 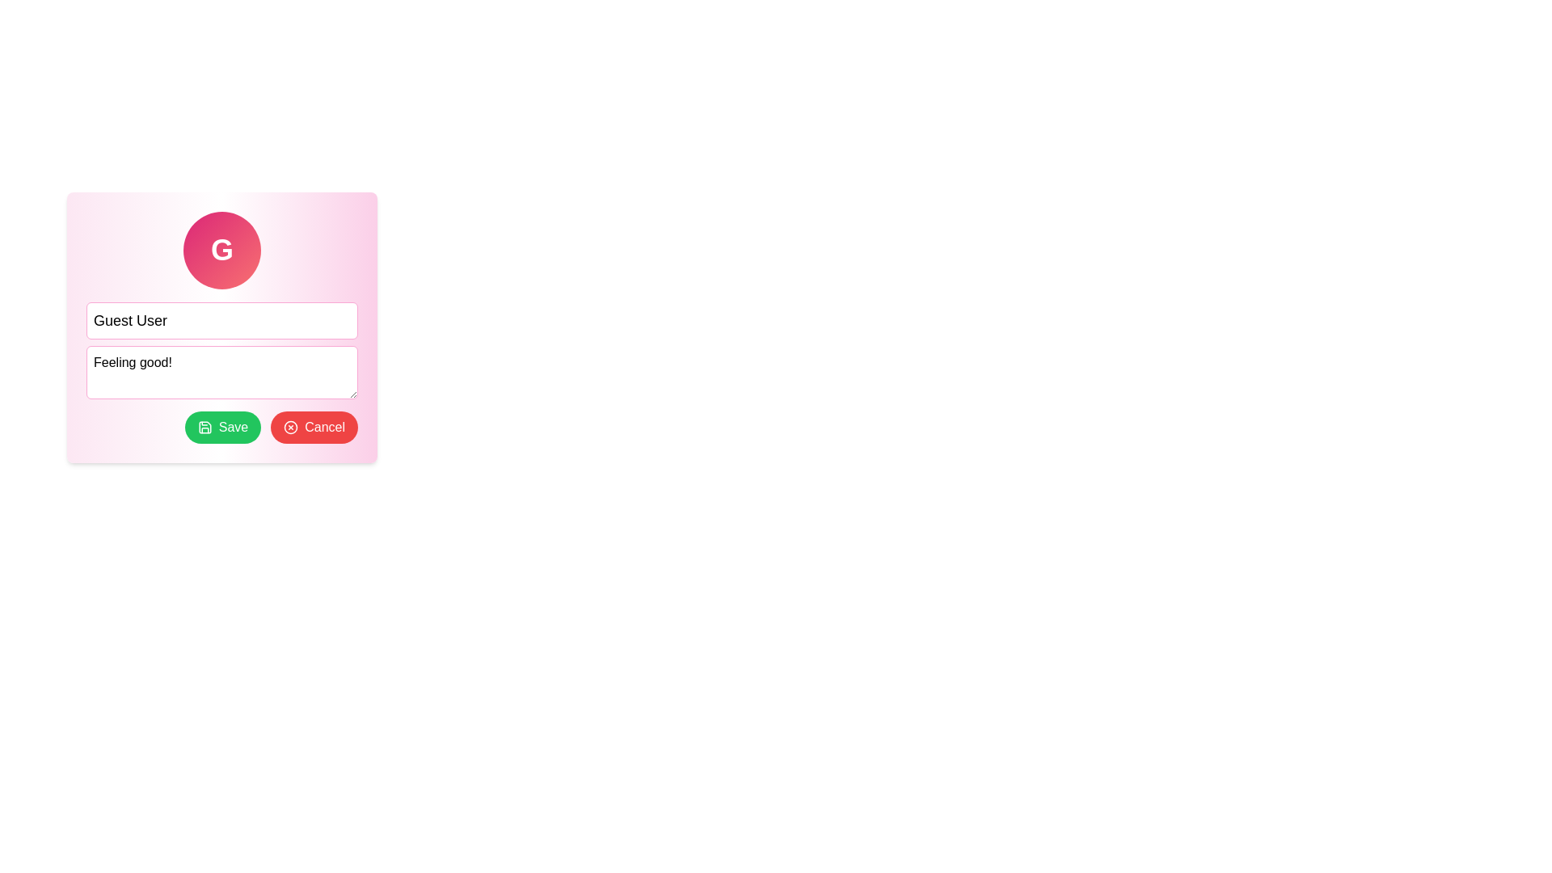 What do you see at coordinates (221, 426) in the screenshot?
I see `the leftmost 'Save' button located below the text input fields in the form interface` at bounding box center [221, 426].